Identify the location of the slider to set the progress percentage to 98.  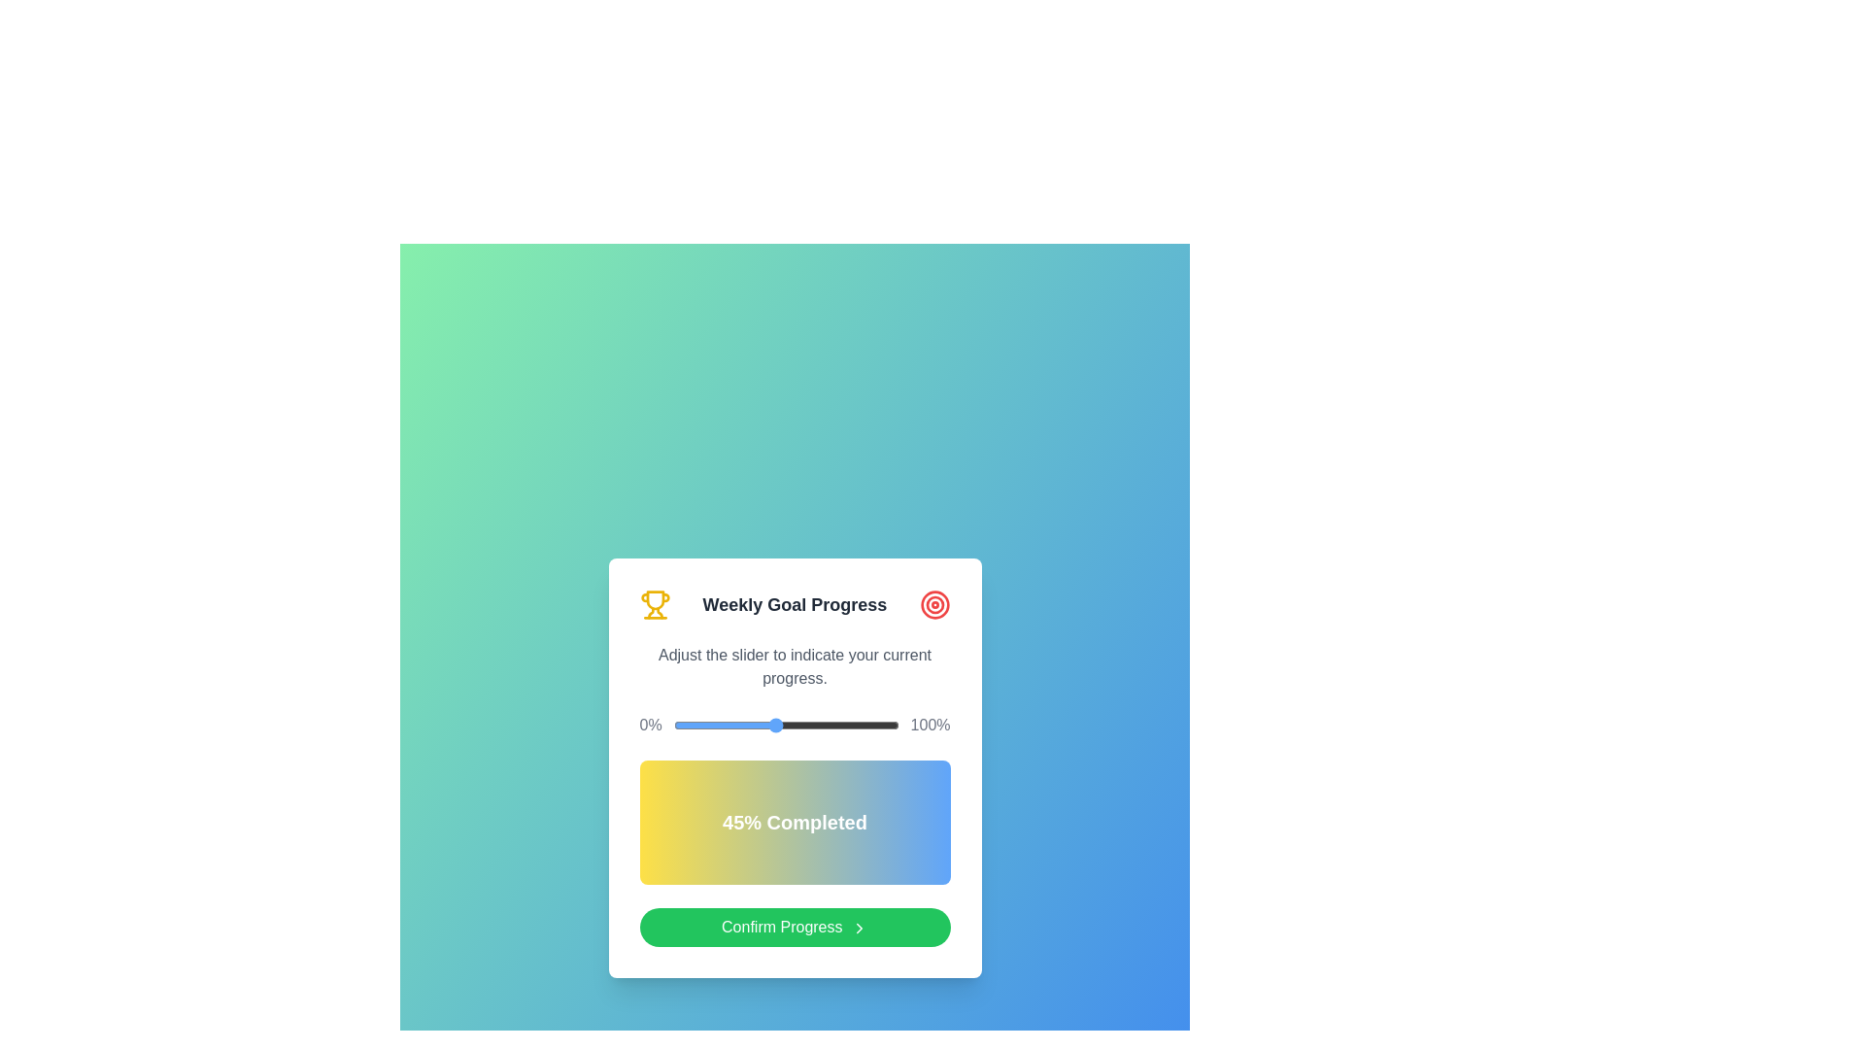
(894, 726).